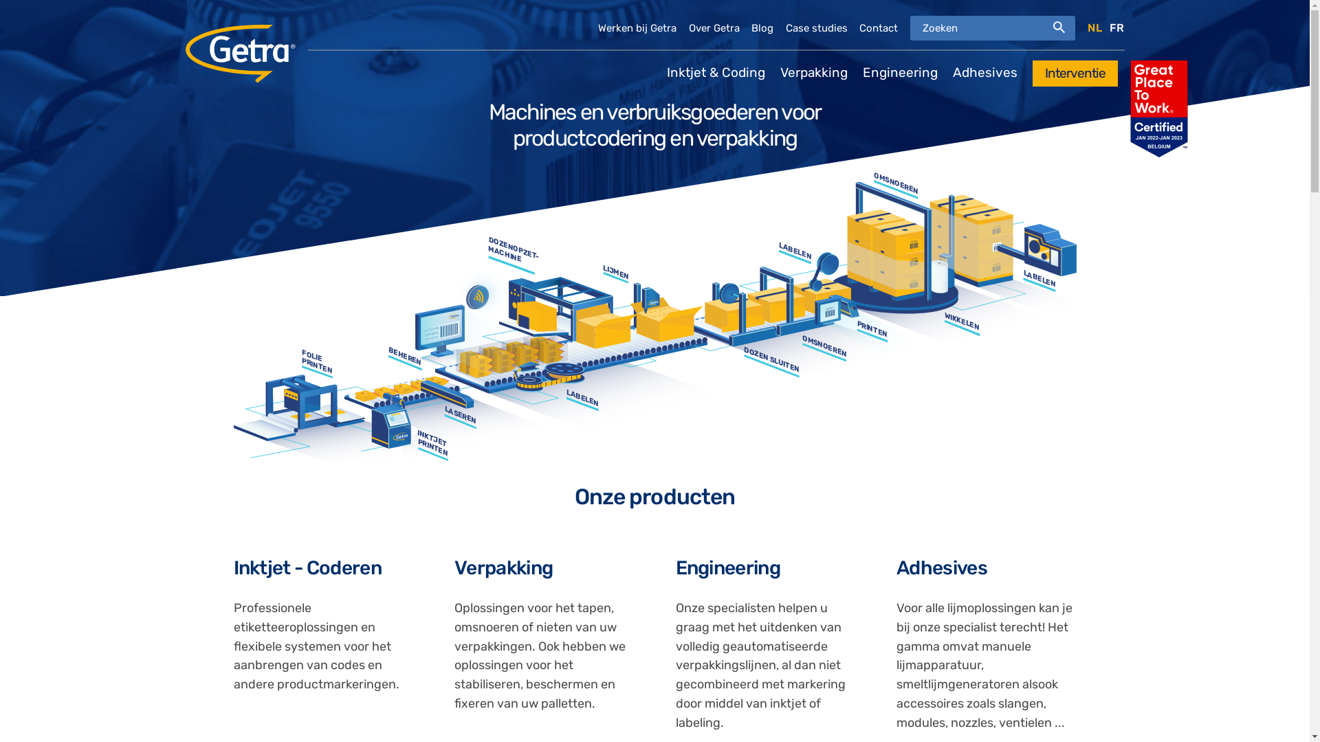 The height and width of the screenshot is (742, 1320). What do you see at coordinates (241, 33) in the screenshot?
I see `'Home'` at bounding box center [241, 33].